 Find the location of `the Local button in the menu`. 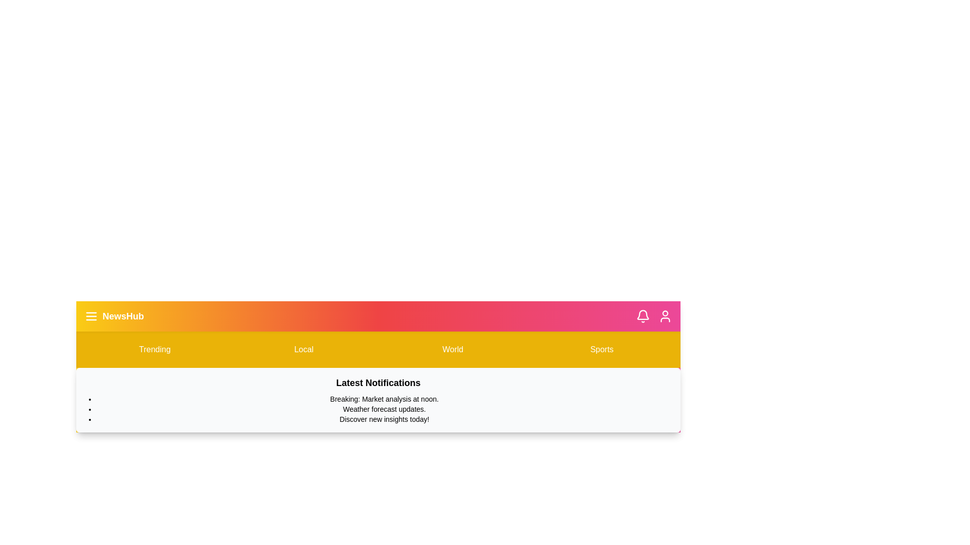

the Local button in the menu is located at coordinates (303, 349).